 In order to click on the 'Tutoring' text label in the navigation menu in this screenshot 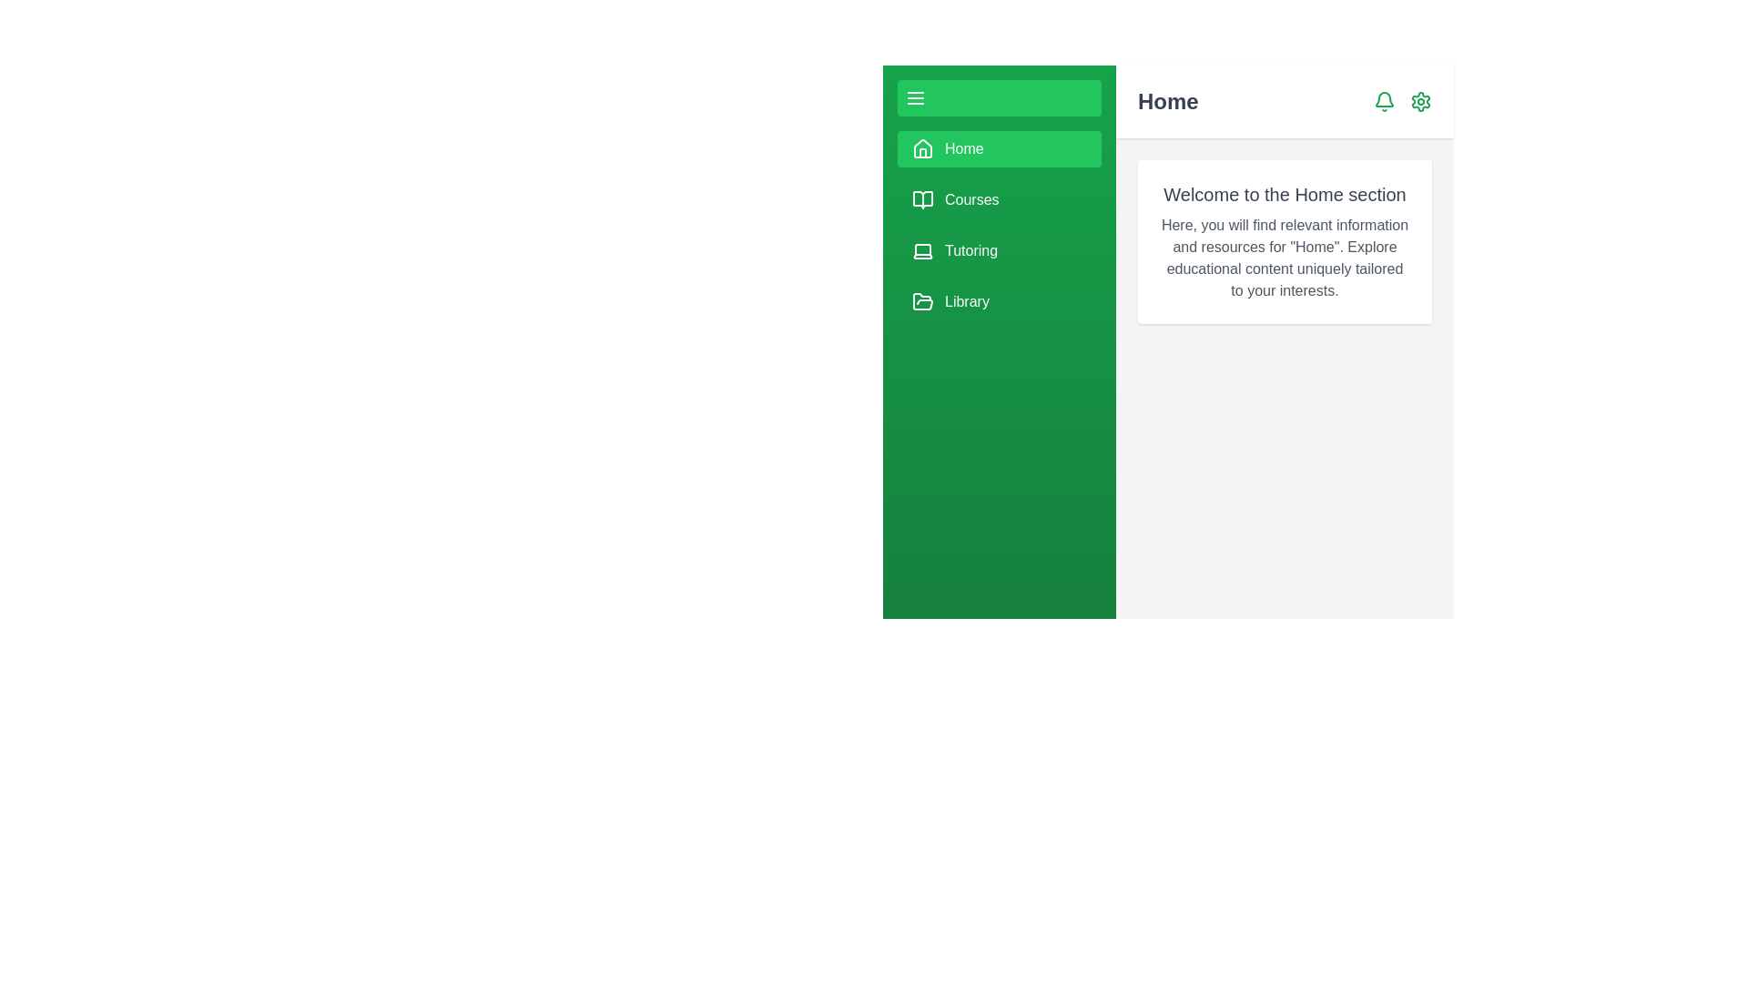, I will do `click(971, 251)`.